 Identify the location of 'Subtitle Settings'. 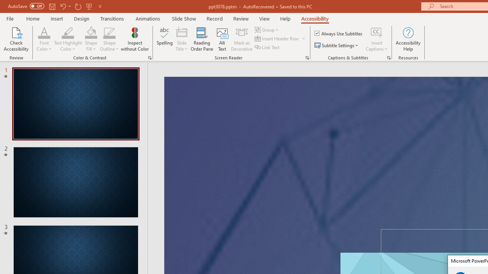
(337, 45).